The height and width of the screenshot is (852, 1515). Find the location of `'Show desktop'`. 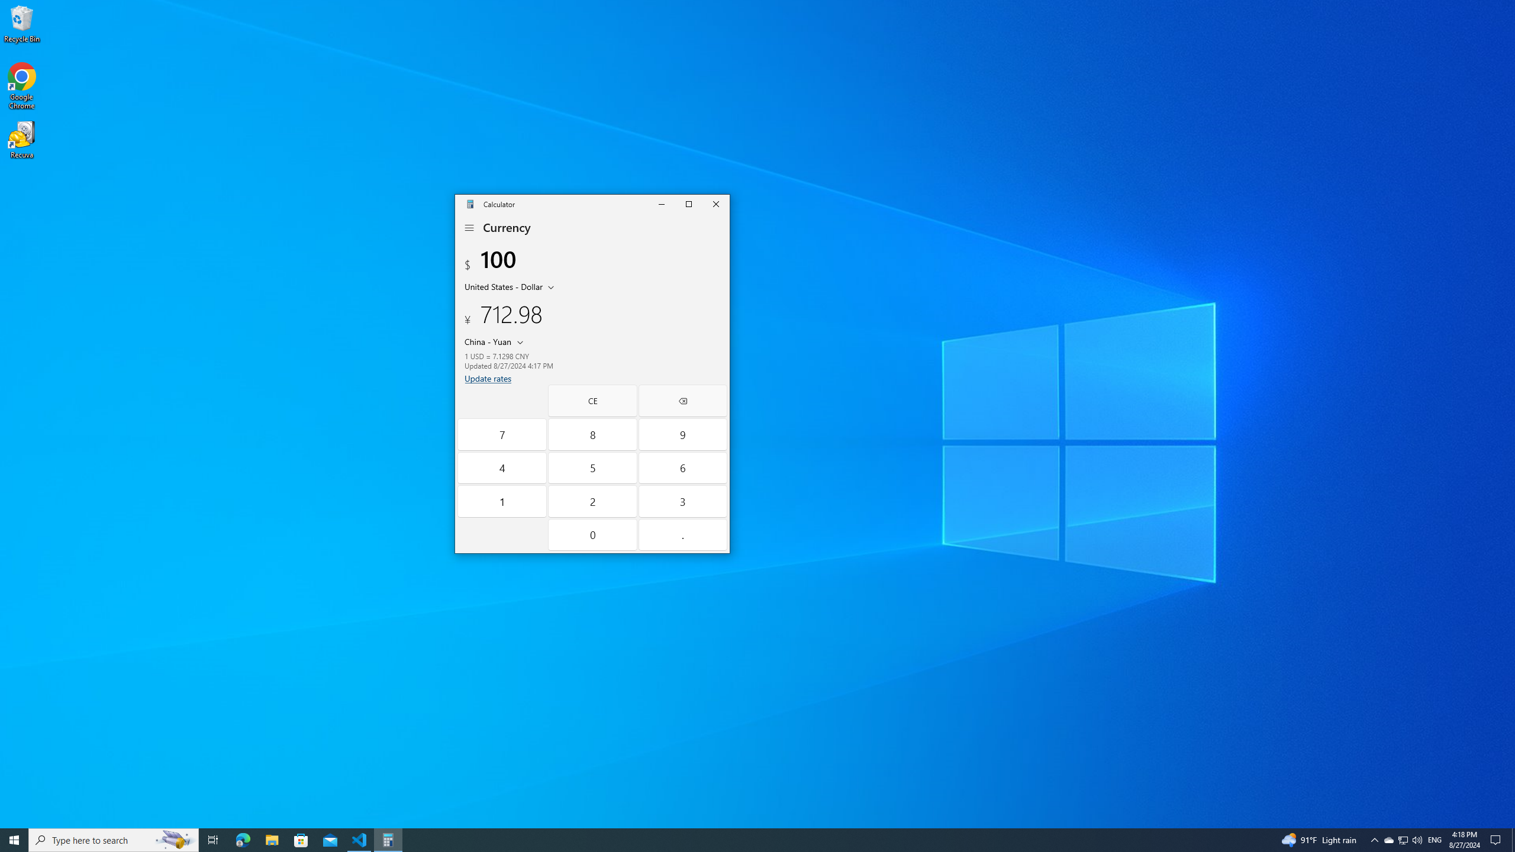

'Show desktop' is located at coordinates (1513, 839).